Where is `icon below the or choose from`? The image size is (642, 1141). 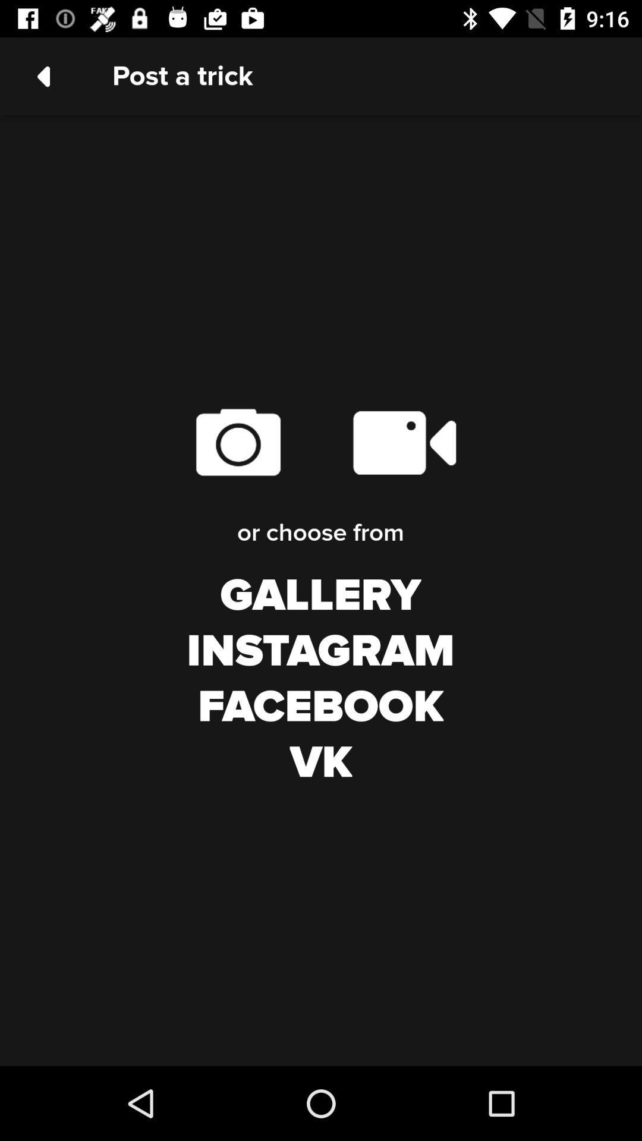 icon below the or choose from is located at coordinates (320, 596).